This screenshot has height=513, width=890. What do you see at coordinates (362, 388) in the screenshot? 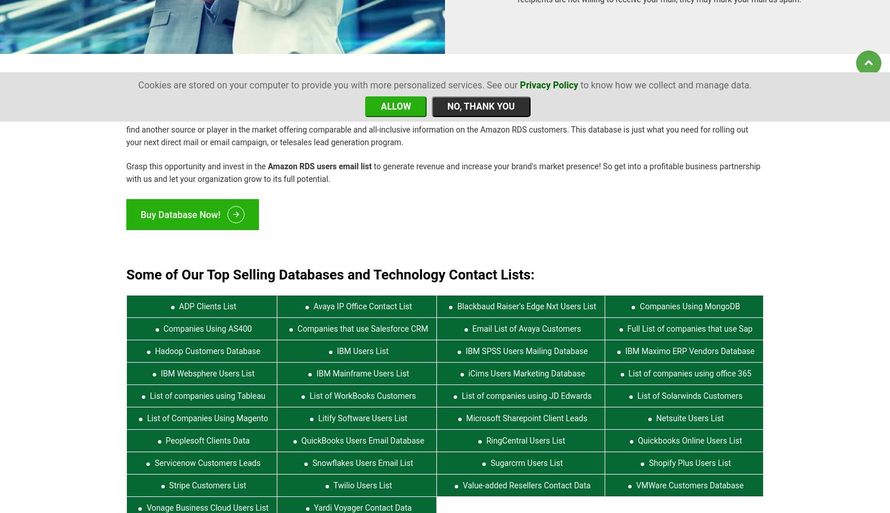
I see `'List of WorkBooks Customers'` at bounding box center [362, 388].